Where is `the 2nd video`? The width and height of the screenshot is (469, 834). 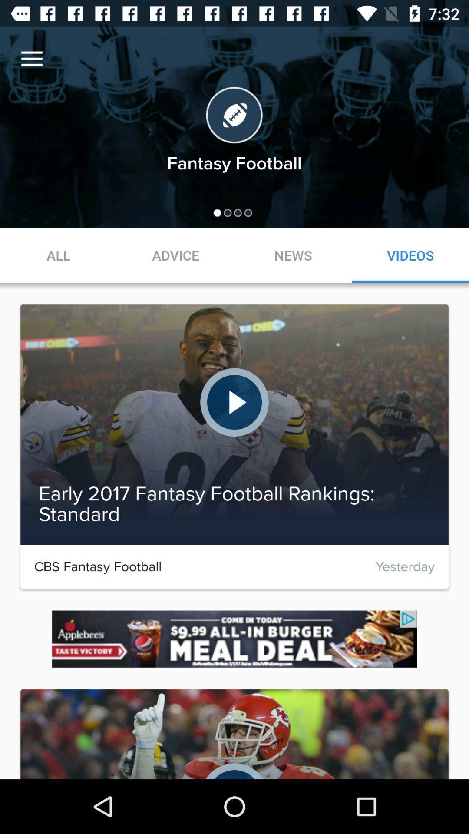
the 2nd video is located at coordinates (234, 425).